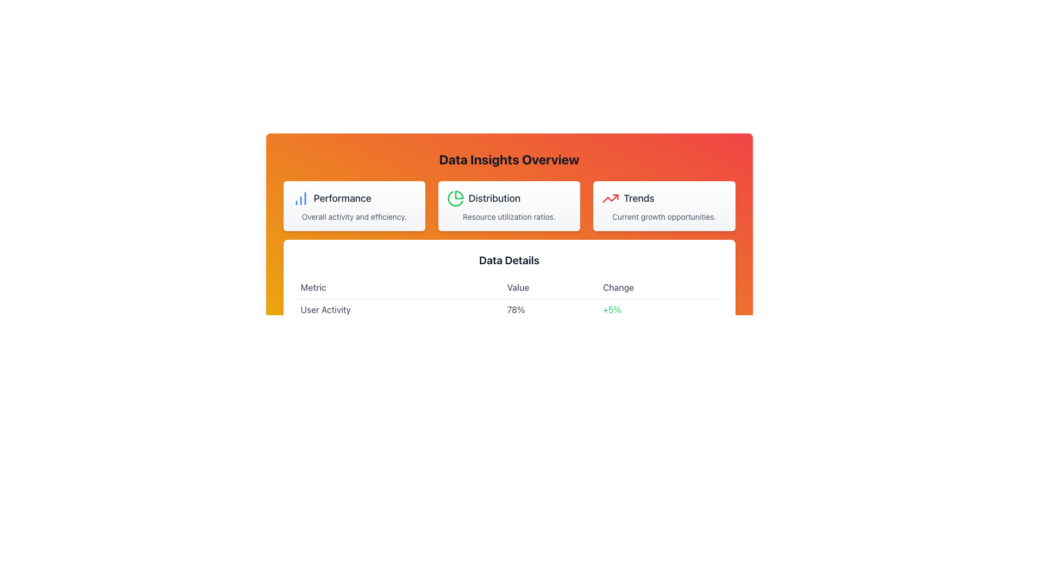 This screenshot has height=586, width=1043. Describe the element at coordinates (508, 217) in the screenshot. I see `descriptive text label indicating the card's focus on resource utilization ratios, located within the 'Distribution' card` at that location.